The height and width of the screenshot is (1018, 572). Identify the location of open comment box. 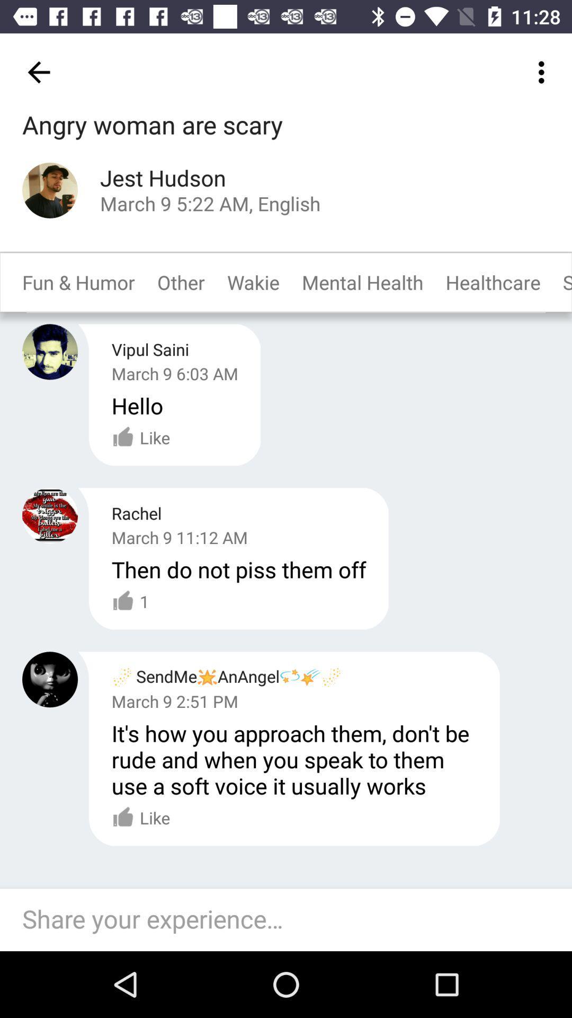
(291, 919).